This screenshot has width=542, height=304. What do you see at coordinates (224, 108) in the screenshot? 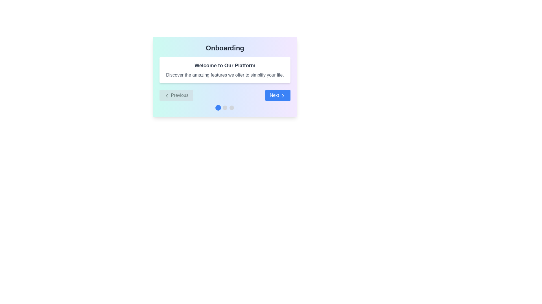
I see `the inactive second circular indicator in the pagination or step indicator row, which visually represents the current page or step in the process` at bounding box center [224, 108].